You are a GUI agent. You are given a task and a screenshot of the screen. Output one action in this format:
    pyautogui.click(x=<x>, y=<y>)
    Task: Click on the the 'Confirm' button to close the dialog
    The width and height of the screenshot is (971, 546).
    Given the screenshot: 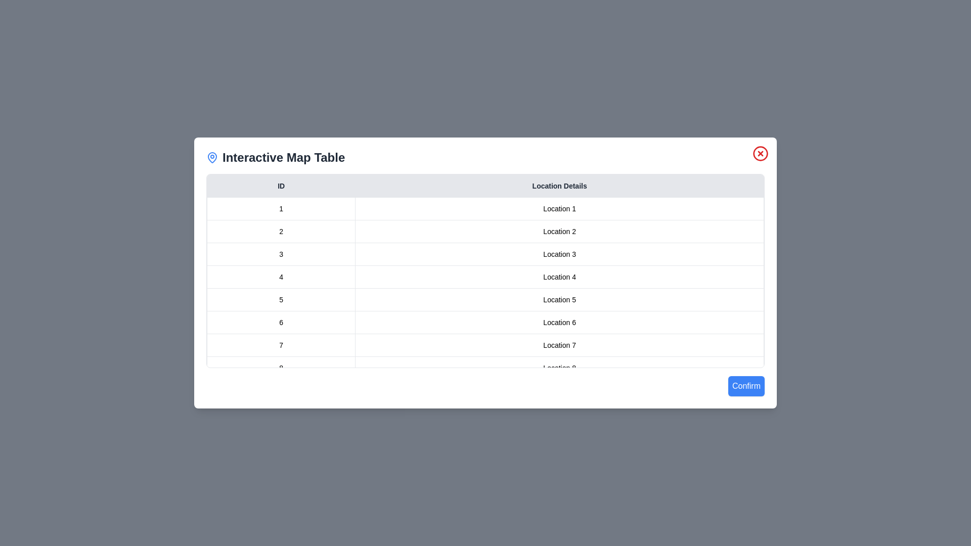 What is the action you would take?
    pyautogui.click(x=746, y=386)
    